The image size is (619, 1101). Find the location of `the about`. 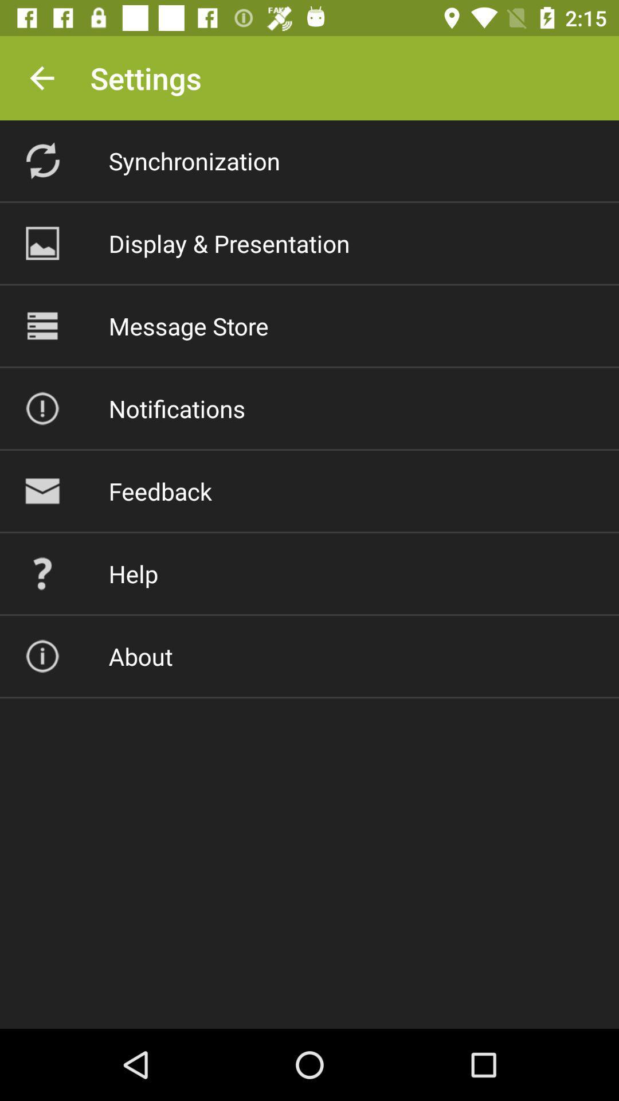

the about is located at coordinates (140, 656).